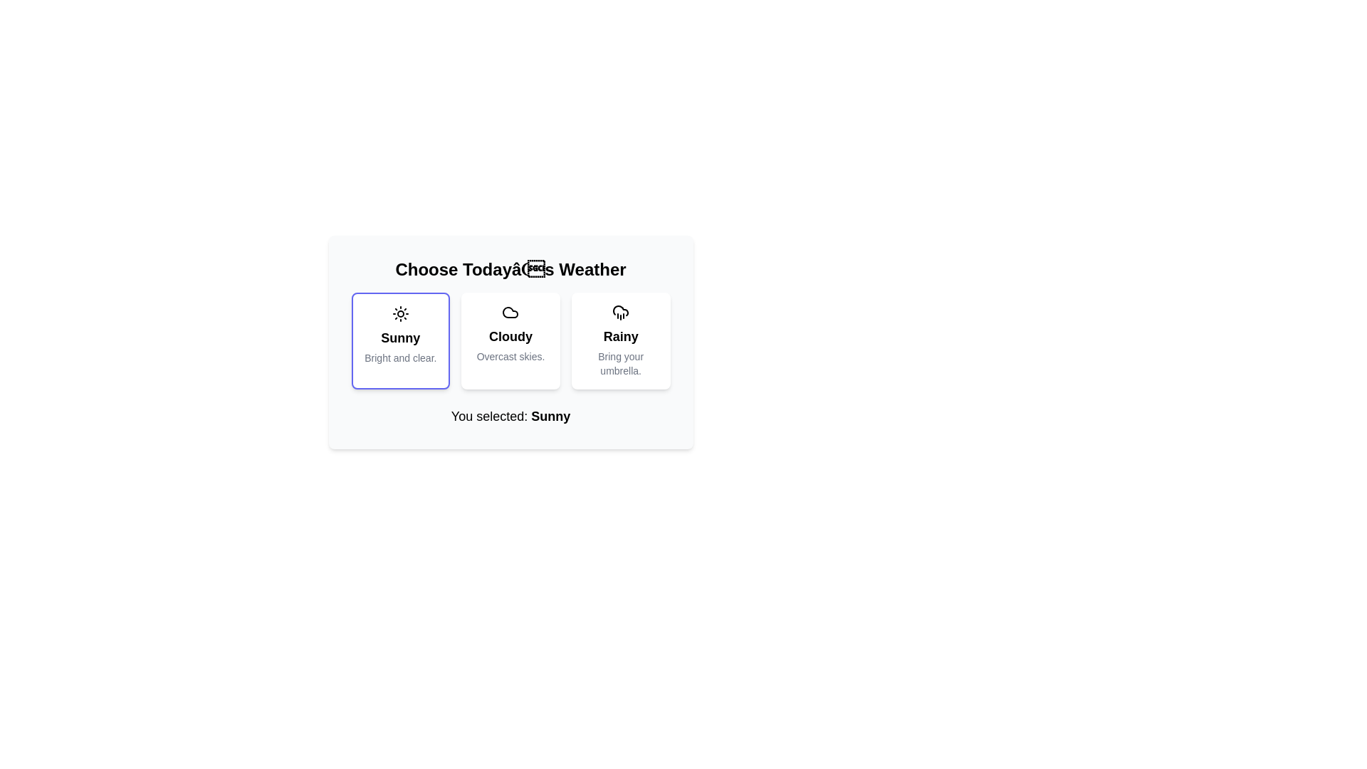 The width and height of the screenshot is (1367, 769). I want to click on the 'Cloudy' weather selectable card located in the center of the grid layout under 'Choose Today’s Weather', so click(510, 340).